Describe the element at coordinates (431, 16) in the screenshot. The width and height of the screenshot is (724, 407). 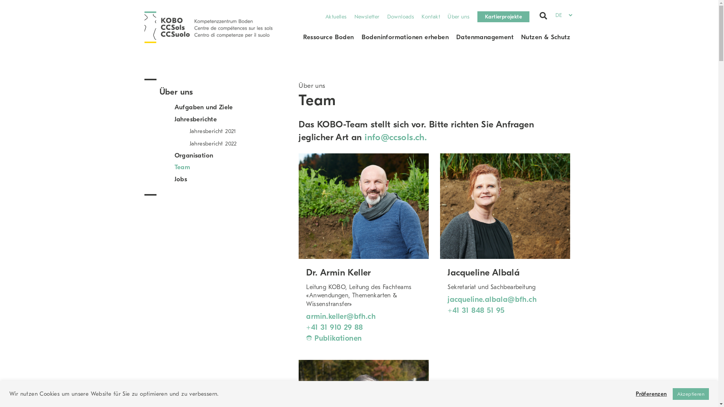
I see `'Kontakt'` at that location.